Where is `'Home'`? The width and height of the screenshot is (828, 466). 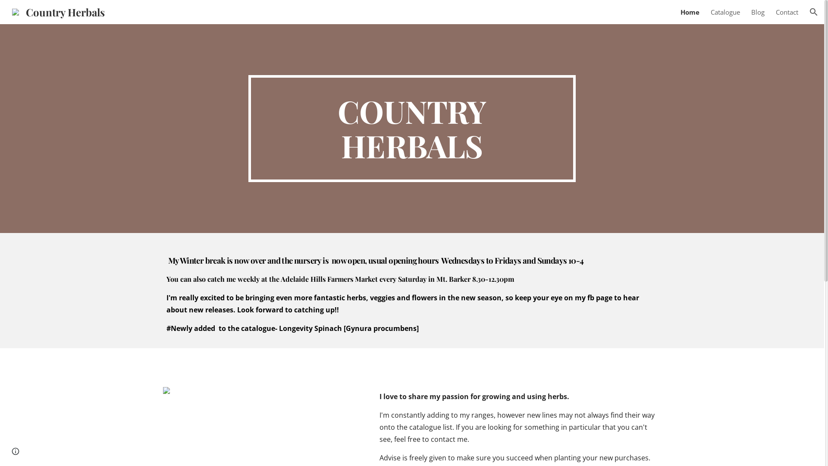 'Home' is located at coordinates (680, 12).